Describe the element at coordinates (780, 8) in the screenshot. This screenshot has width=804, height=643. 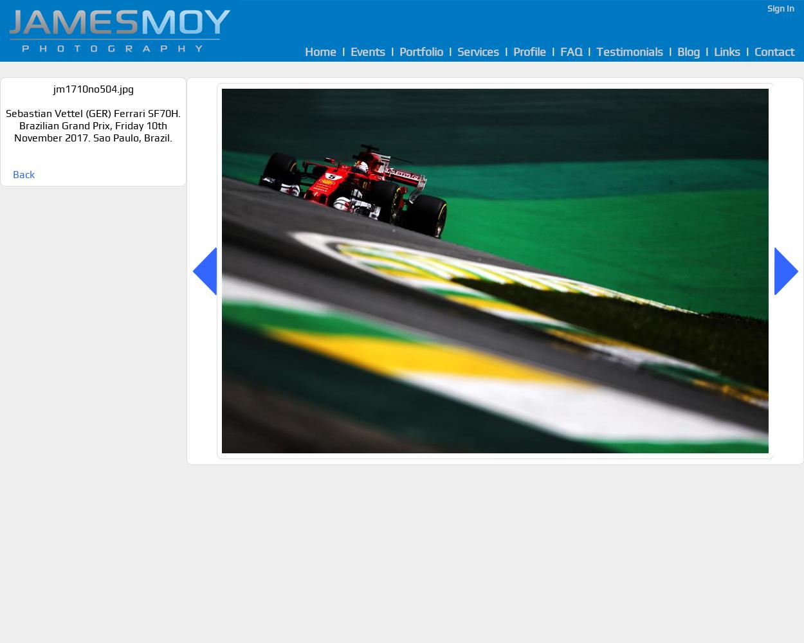
I see `'Sign In'` at that location.